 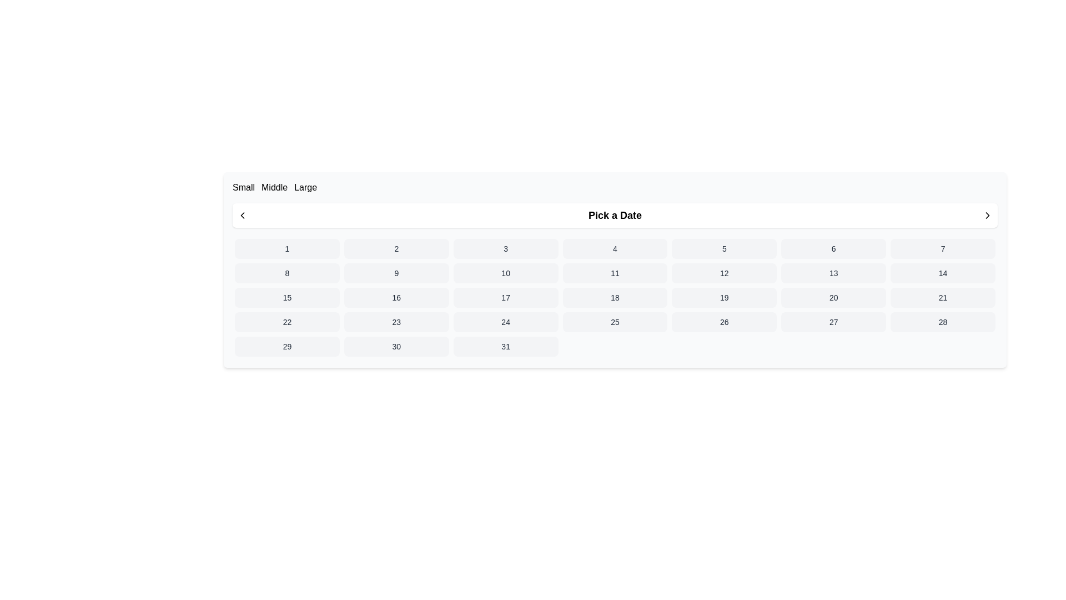 I want to click on the rectangular button with rounded edges containing the text '27', so click(x=833, y=322).